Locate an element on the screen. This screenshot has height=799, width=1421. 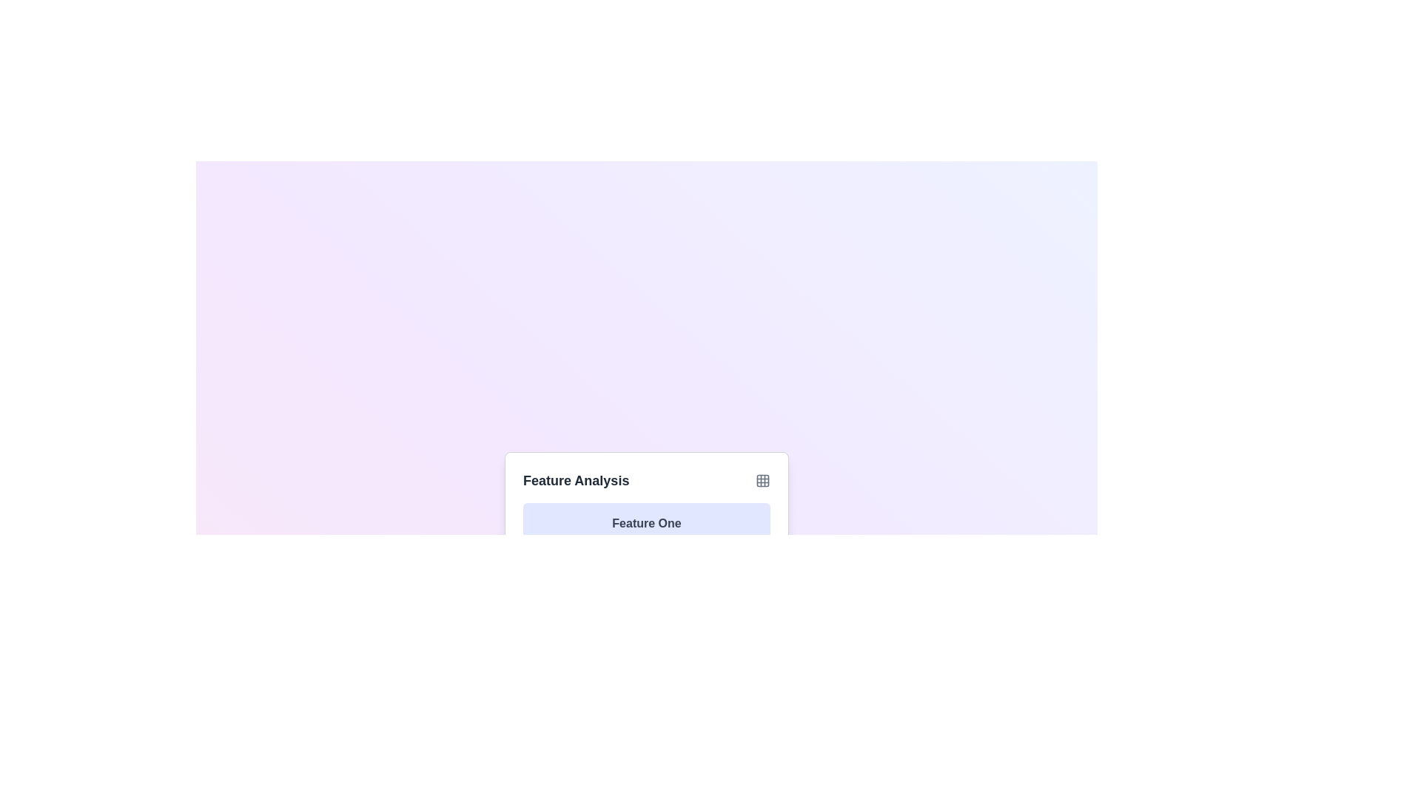
the text label indicating 'Feature One' which is centrally located below the heading 'Feature Analysis' in the interface is located at coordinates (646, 523).